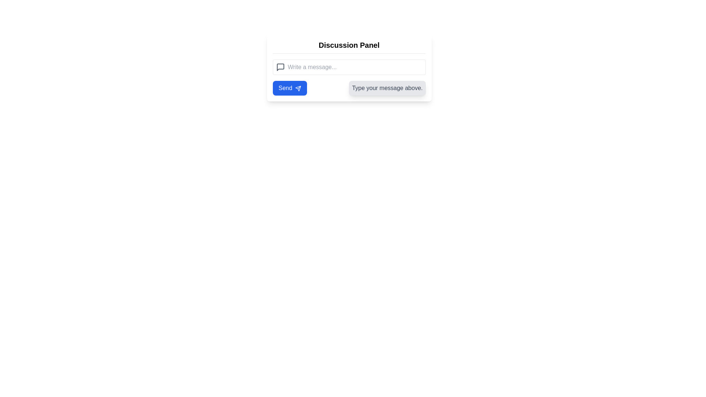  What do you see at coordinates (280, 67) in the screenshot?
I see `the design of the small, square-shaped speech bubble icon located to the left of the 'Write a message...' text input field in the discussion panel layout` at bounding box center [280, 67].